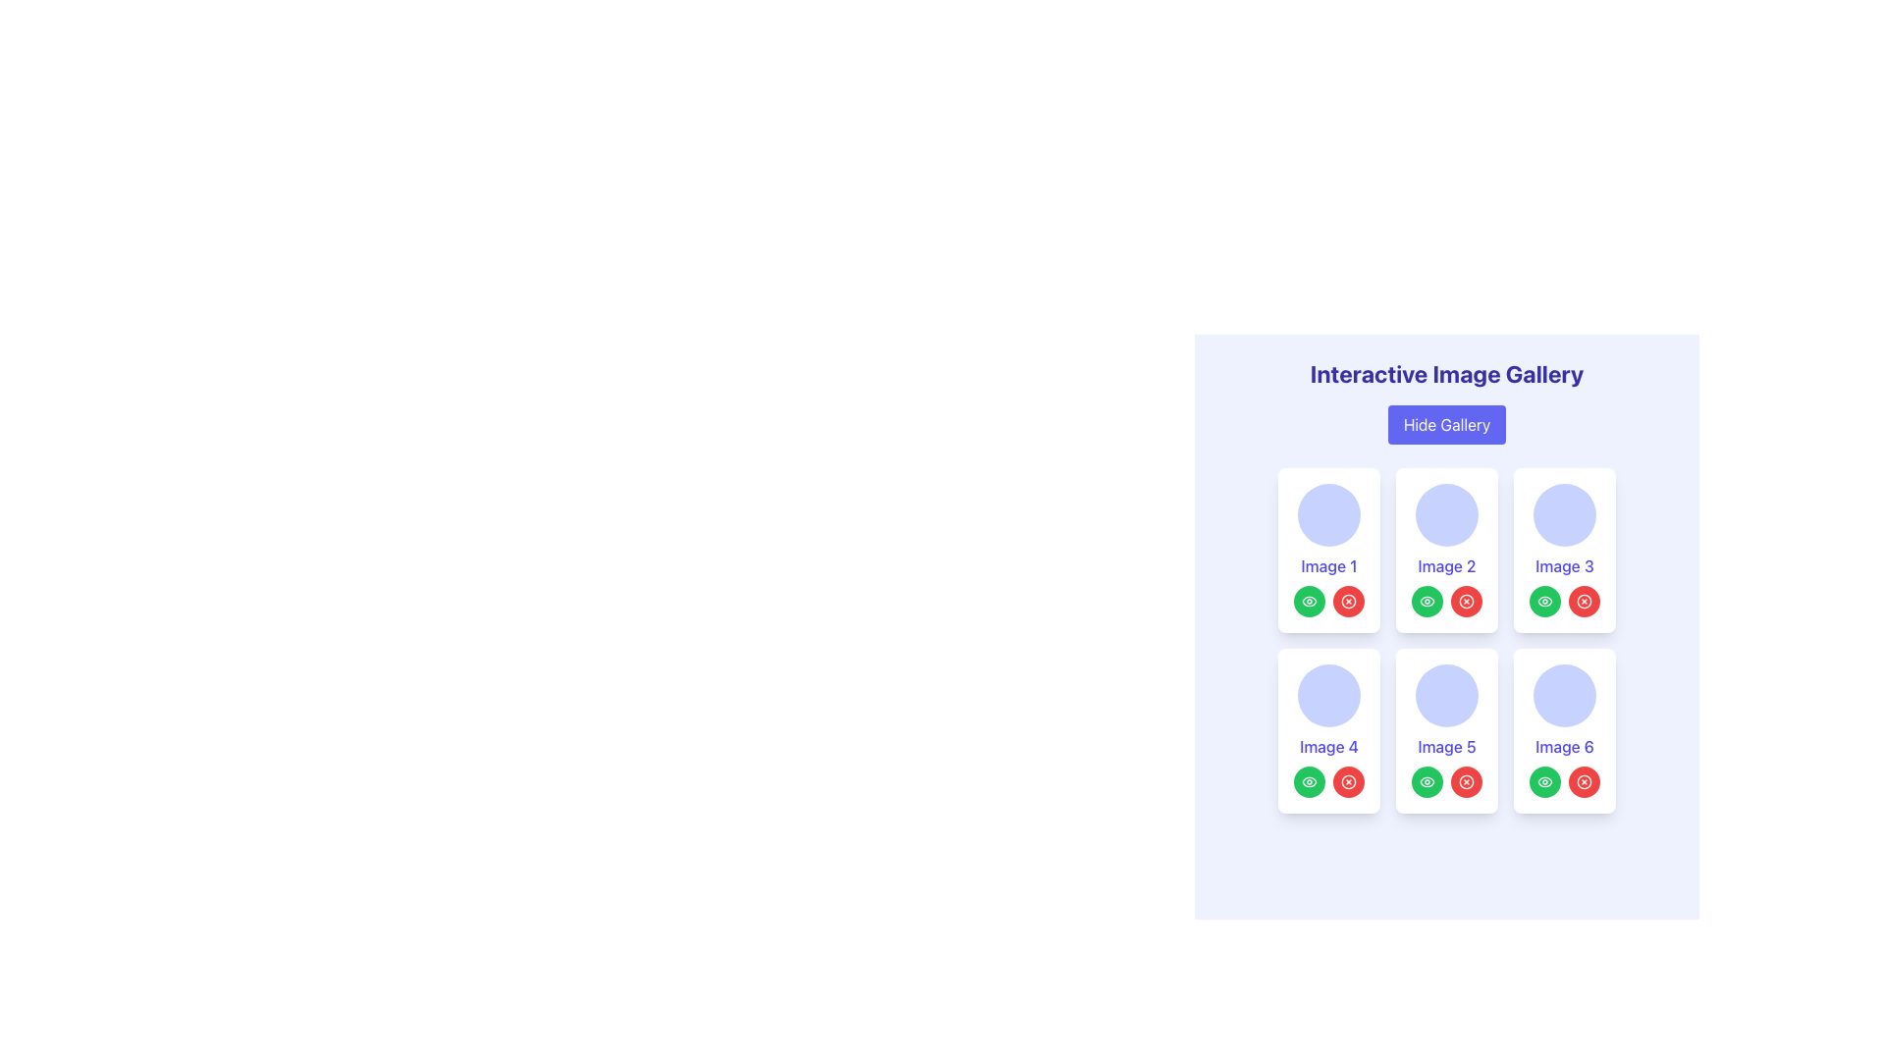 The width and height of the screenshot is (1885, 1060). I want to click on the visibility toggle button located to the right of the text 'Image 3' and above the red button, so click(1544, 601).